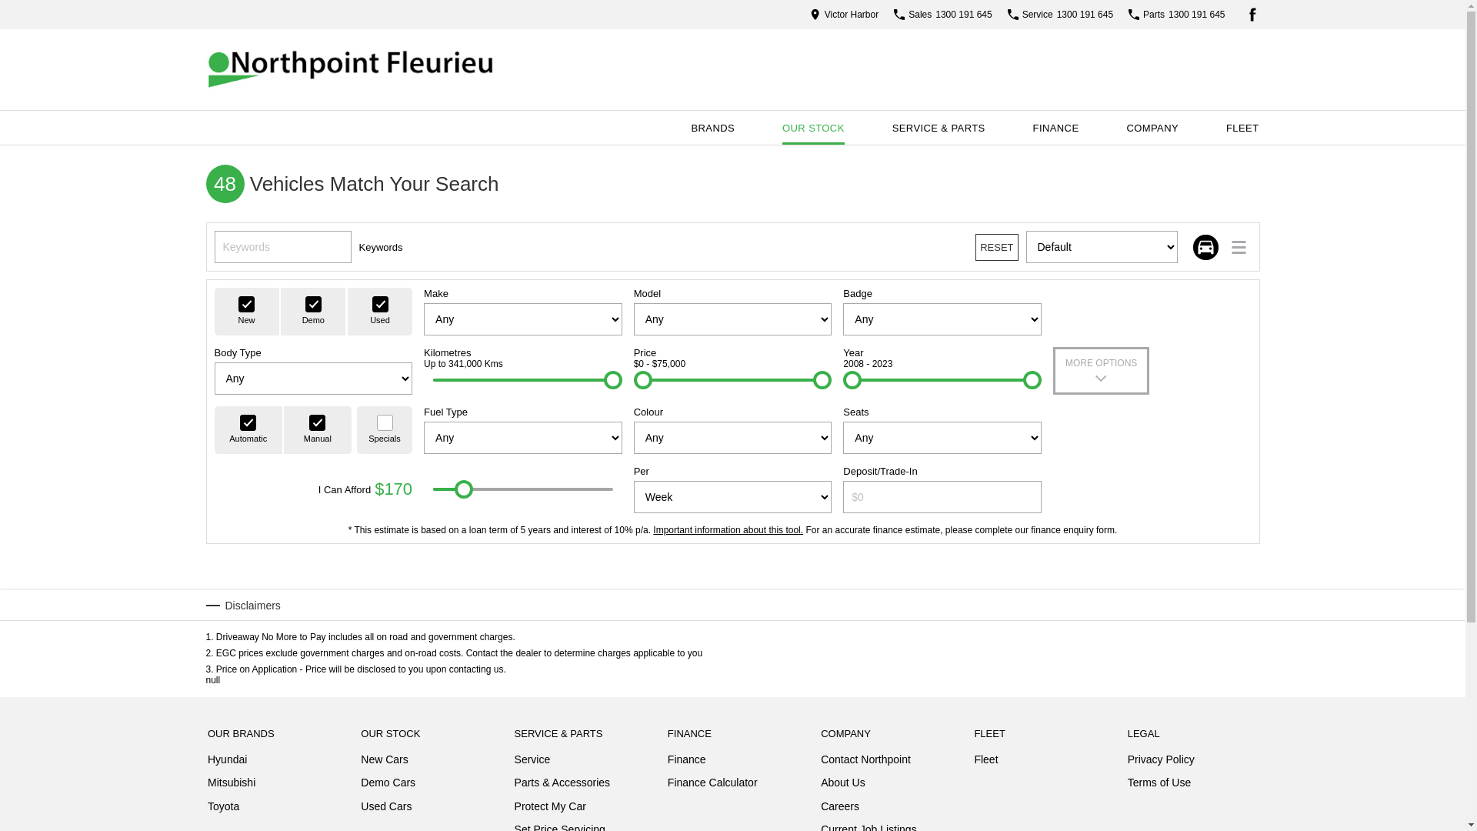 The height and width of the screenshot is (831, 1477). Describe the element at coordinates (938, 126) in the screenshot. I see `'SERVICE & PARTS'` at that location.